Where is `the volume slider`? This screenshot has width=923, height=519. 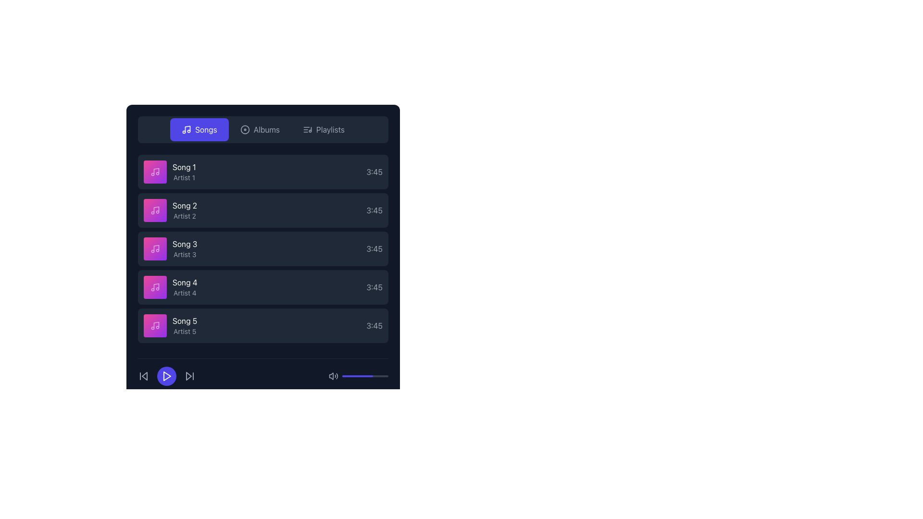 the volume slider is located at coordinates (363, 376).